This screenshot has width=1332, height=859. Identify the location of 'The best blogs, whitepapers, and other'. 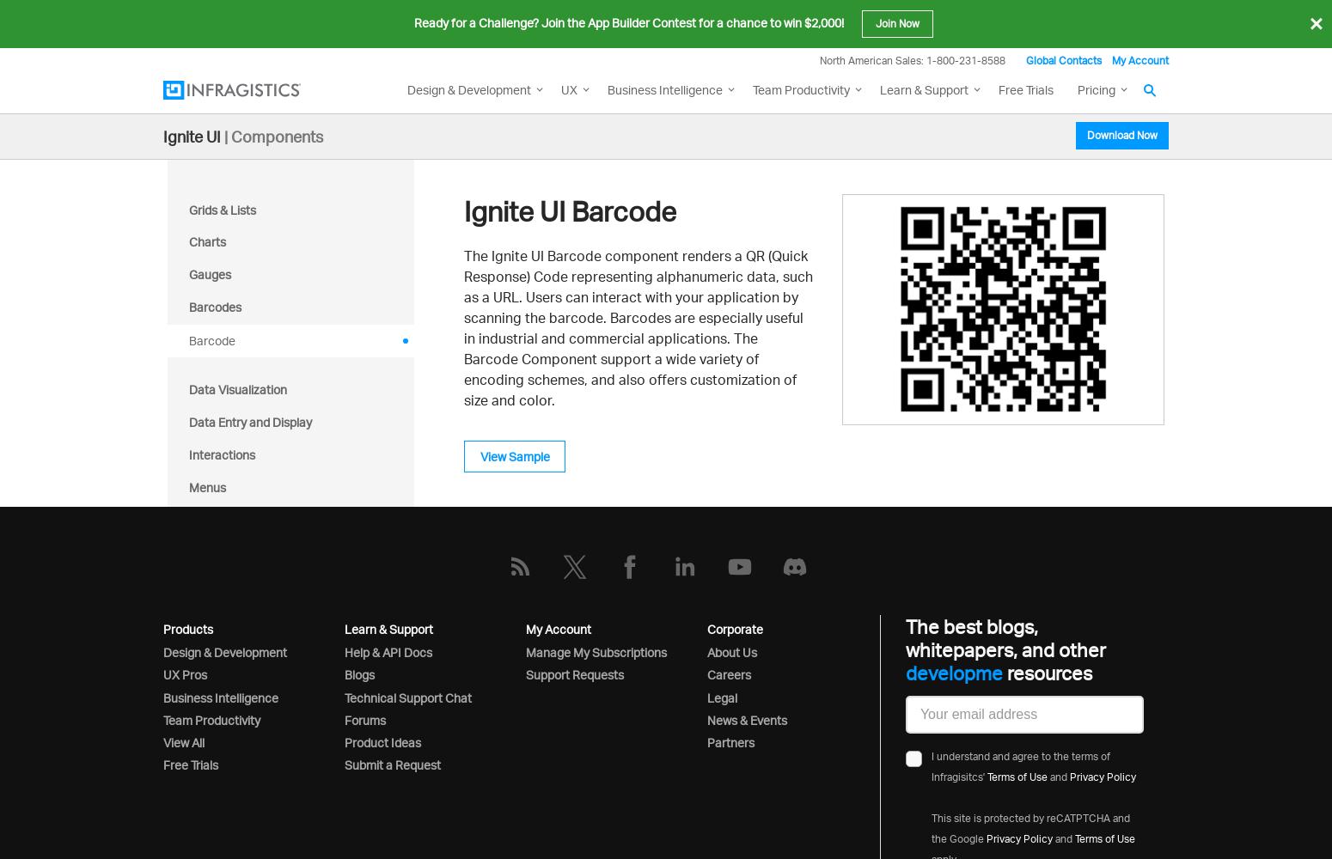
(1005, 637).